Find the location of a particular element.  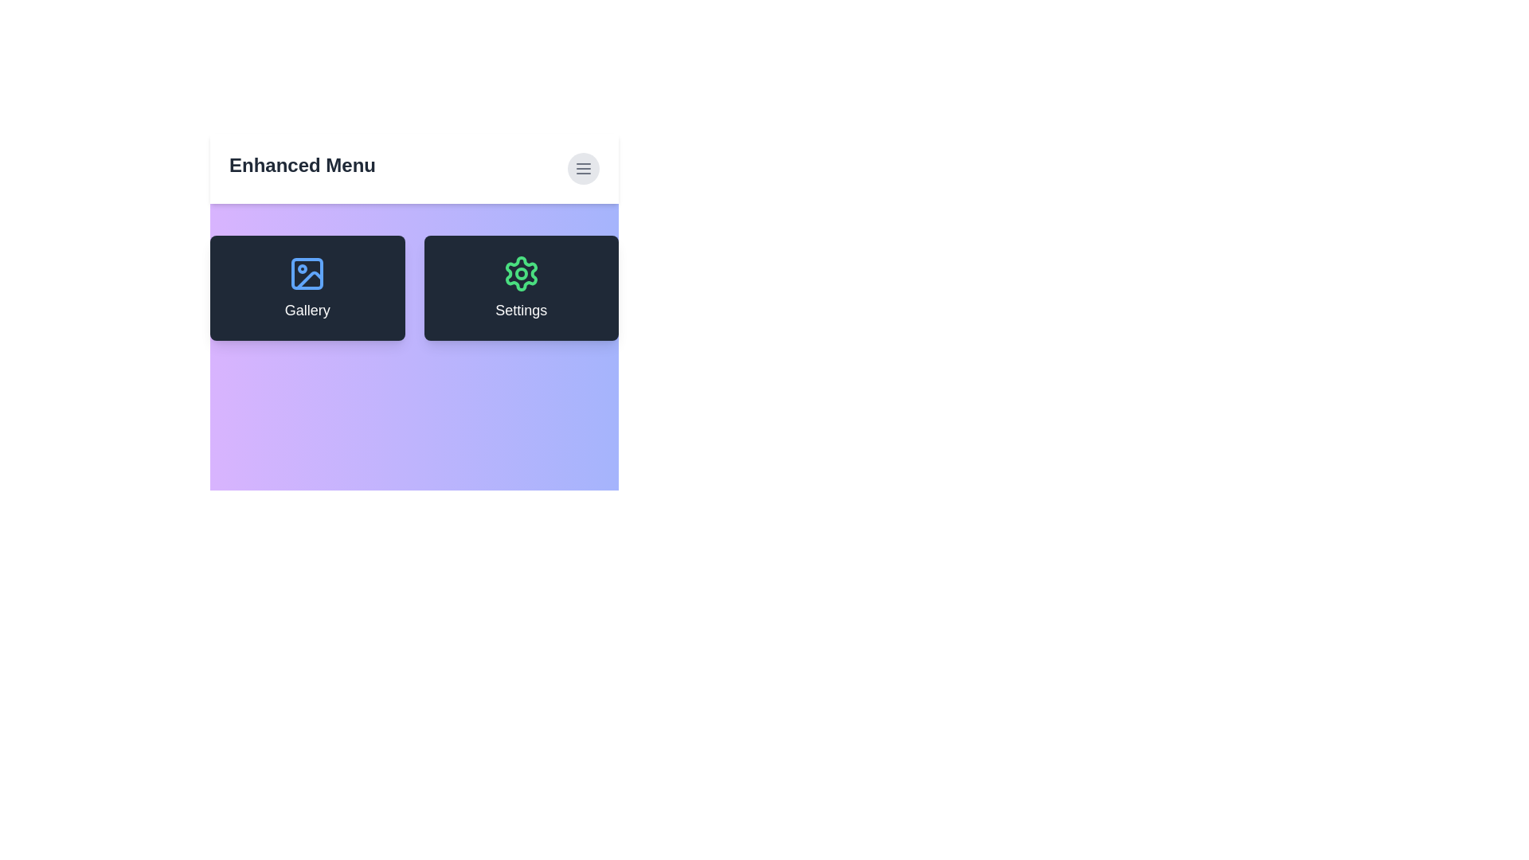

the header text 'Enhanced Menu' to select it is located at coordinates (302, 169).